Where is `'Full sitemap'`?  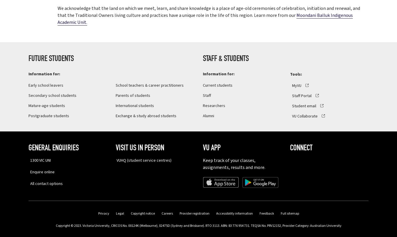
'Full sitemap' is located at coordinates (289, 213).